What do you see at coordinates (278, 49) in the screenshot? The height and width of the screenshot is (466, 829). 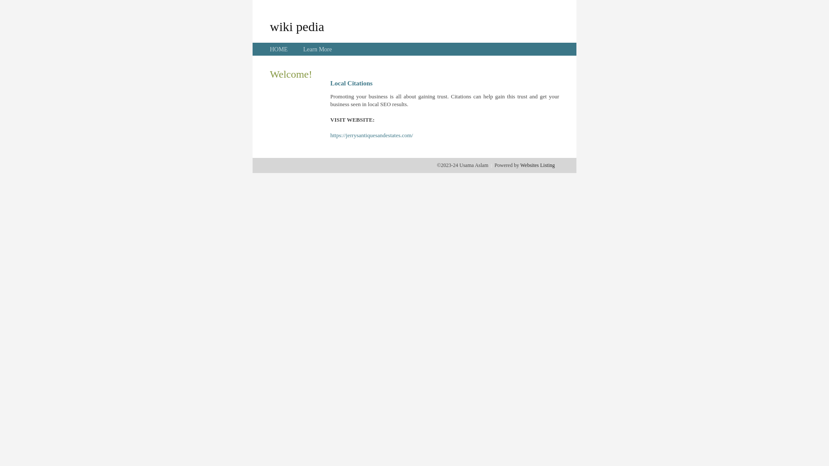 I see `'HOME'` at bounding box center [278, 49].